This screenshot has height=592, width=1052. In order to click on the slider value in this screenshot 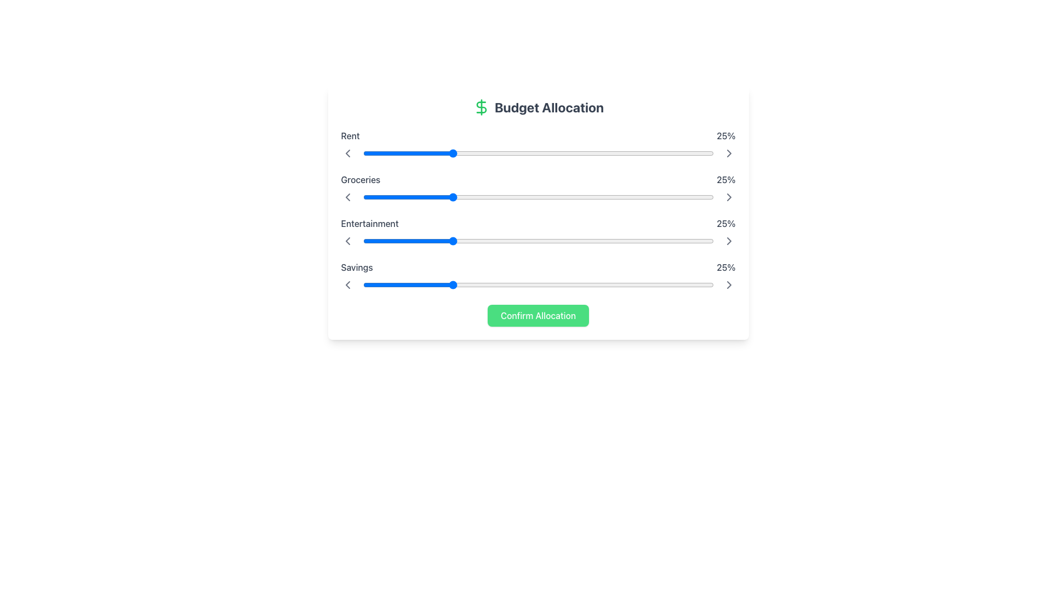, I will do `click(443, 196)`.